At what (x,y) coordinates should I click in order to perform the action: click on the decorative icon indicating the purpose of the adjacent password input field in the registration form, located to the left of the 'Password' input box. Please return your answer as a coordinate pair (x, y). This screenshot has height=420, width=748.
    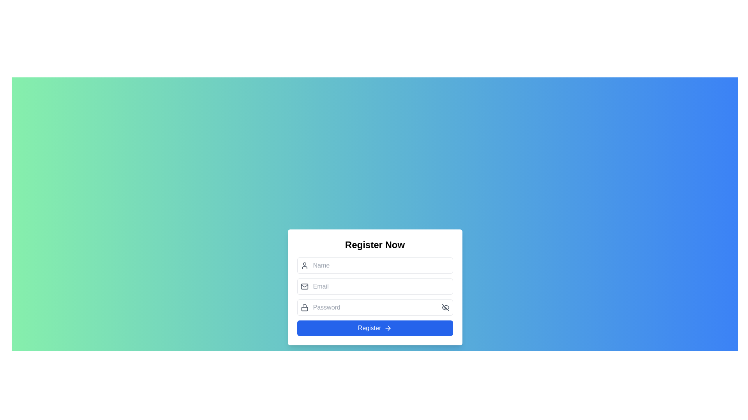
    Looking at the image, I should click on (304, 307).